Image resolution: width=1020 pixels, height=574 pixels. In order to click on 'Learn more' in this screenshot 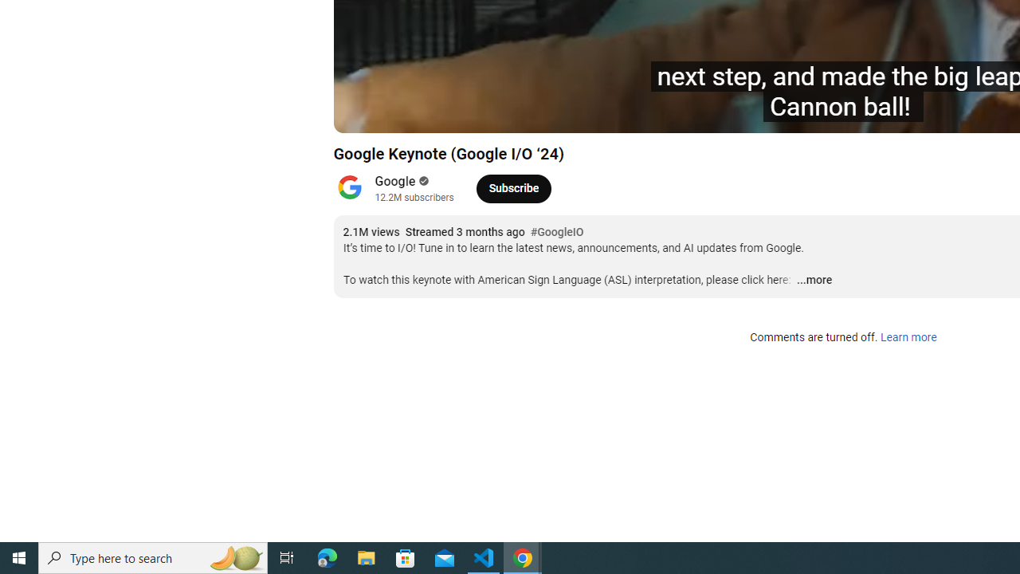, I will do `click(908, 337)`.